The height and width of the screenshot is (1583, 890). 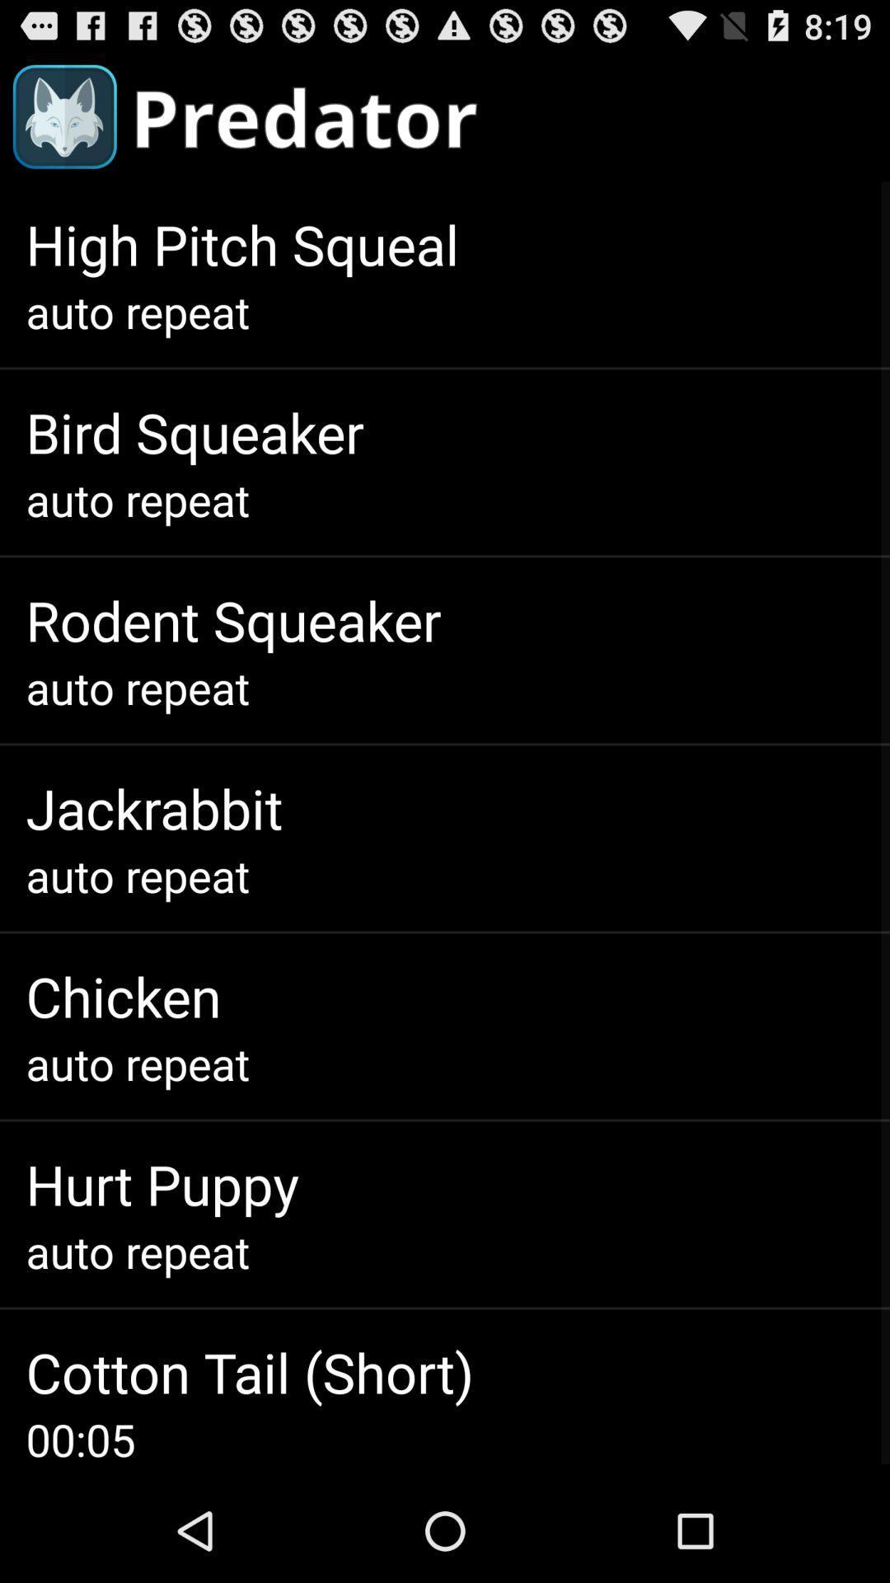 What do you see at coordinates (123, 995) in the screenshot?
I see `the app above auto repeat` at bounding box center [123, 995].